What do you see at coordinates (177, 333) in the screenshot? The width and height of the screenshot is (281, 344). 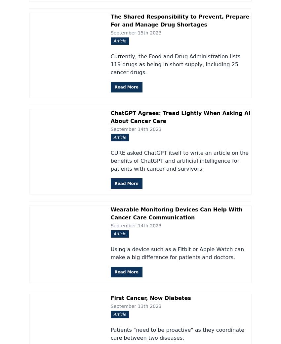 I see `'Patients "need to be proactive" as they coordinate care between two diseases.'` at bounding box center [177, 333].